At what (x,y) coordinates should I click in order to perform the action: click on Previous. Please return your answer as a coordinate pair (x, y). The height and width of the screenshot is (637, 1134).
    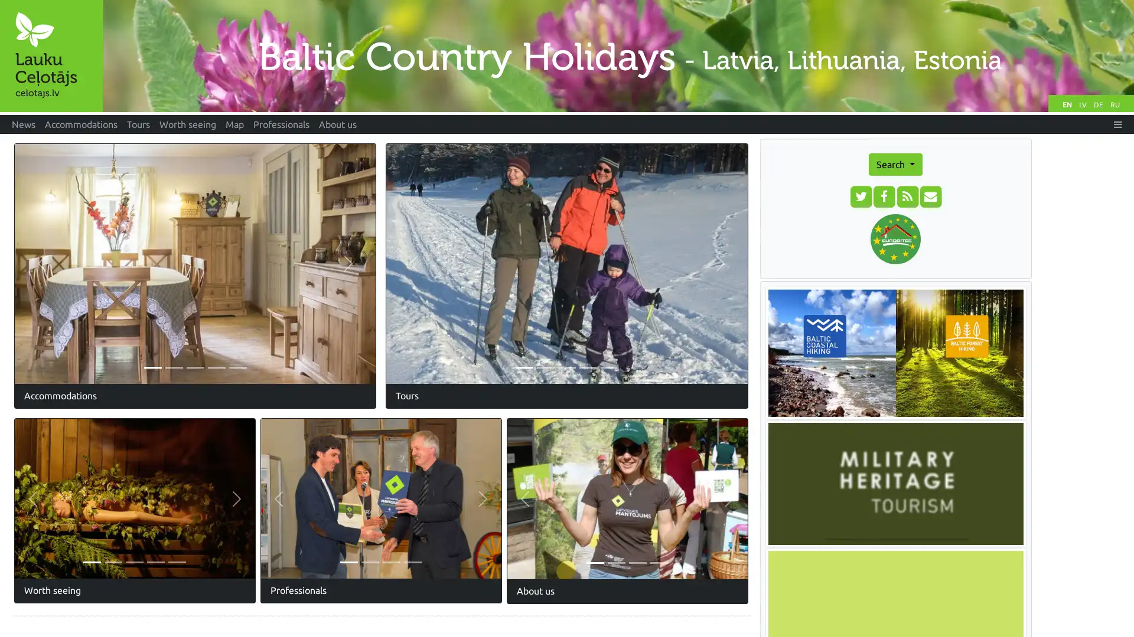
    Looking at the image, I should click on (413, 263).